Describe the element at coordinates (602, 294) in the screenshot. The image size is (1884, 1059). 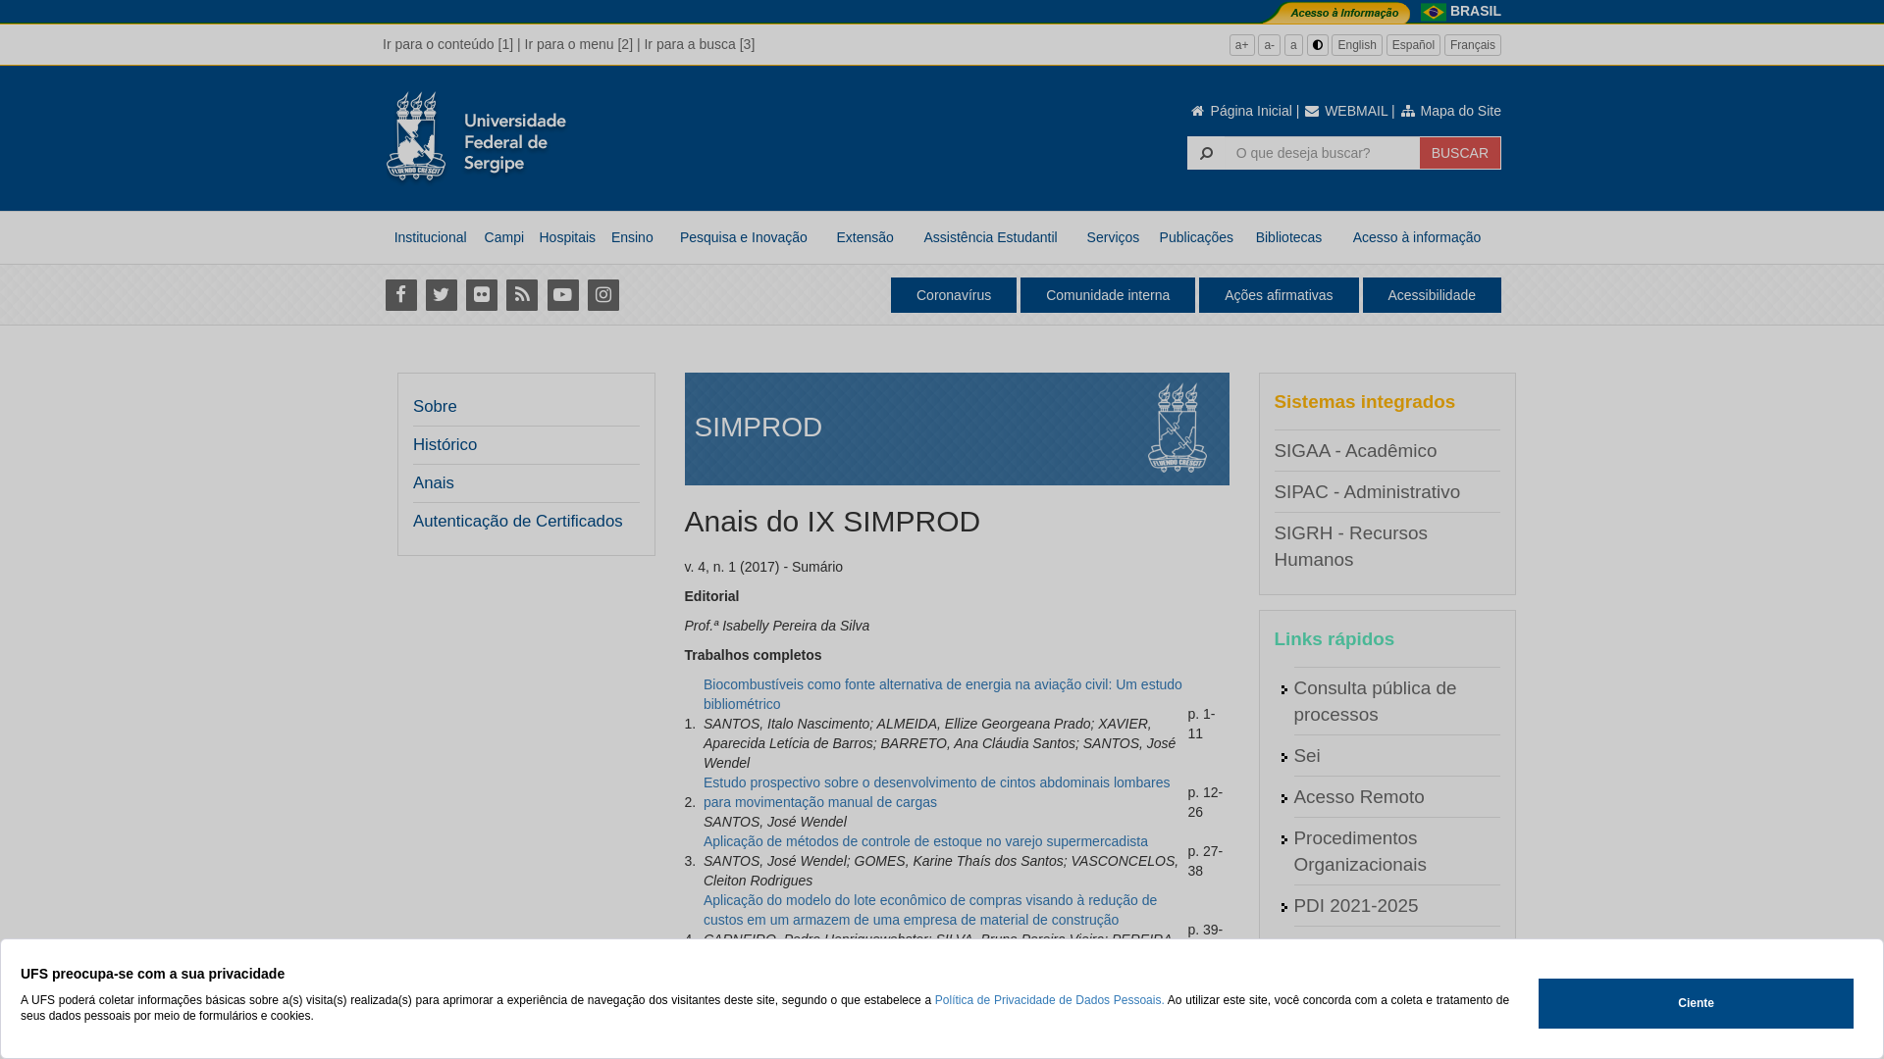
I see `'Instagram'` at that location.